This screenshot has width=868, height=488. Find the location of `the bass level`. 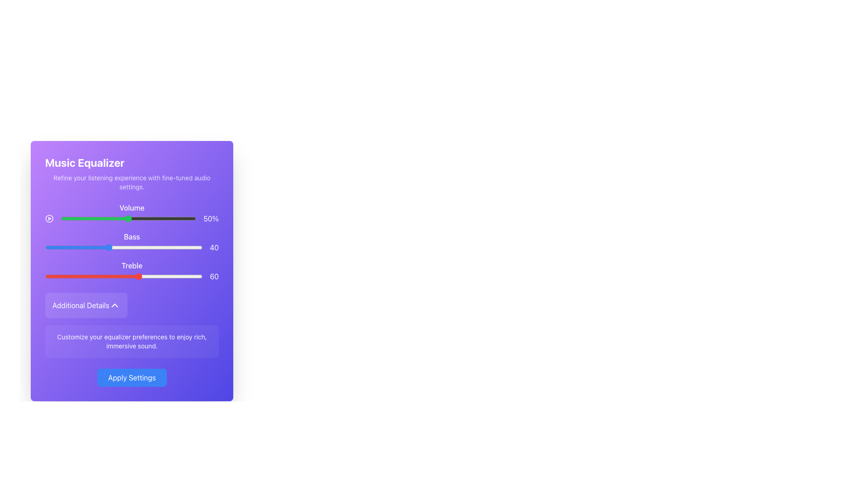

the bass level is located at coordinates (180, 247).